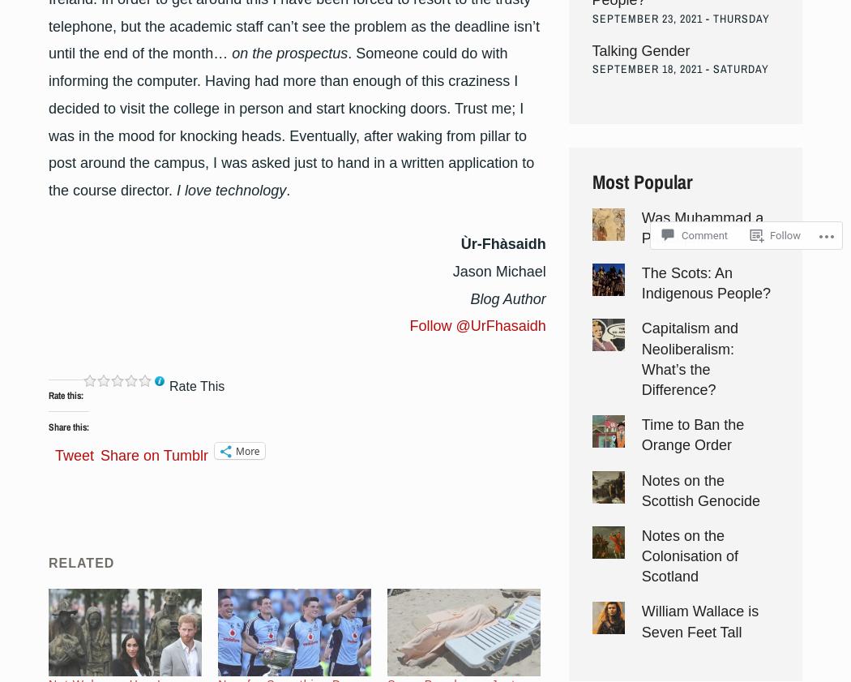  What do you see at coordinates (692, 435) in the screenshot?
I see `'Time to Ban the Orange Order'` at bounding box center [692, 435].